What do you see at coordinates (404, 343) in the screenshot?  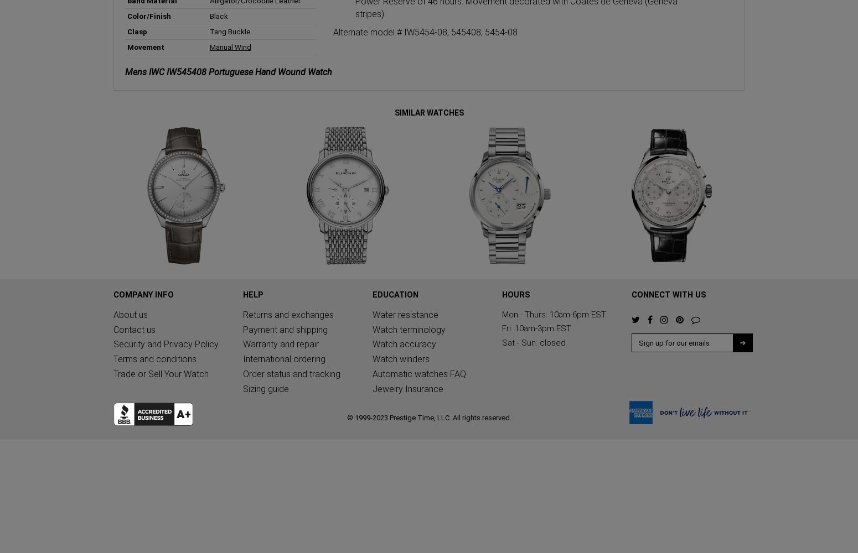 I see `'Watch accuracy'` at bounding box center [404, 343].